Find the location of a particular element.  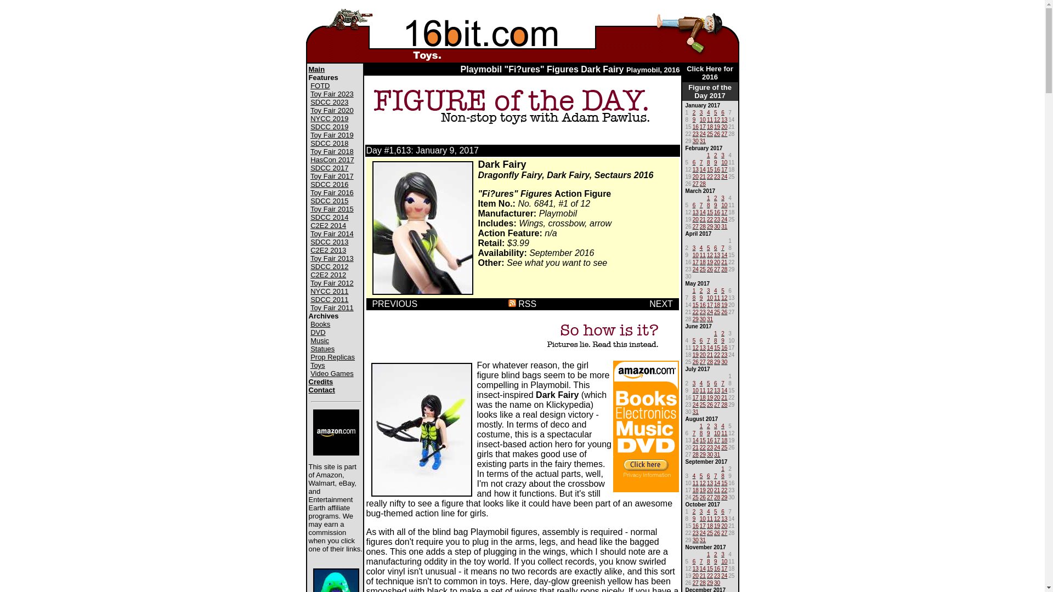

'Toy Fair 2013' is located at coordinates (331, 258).